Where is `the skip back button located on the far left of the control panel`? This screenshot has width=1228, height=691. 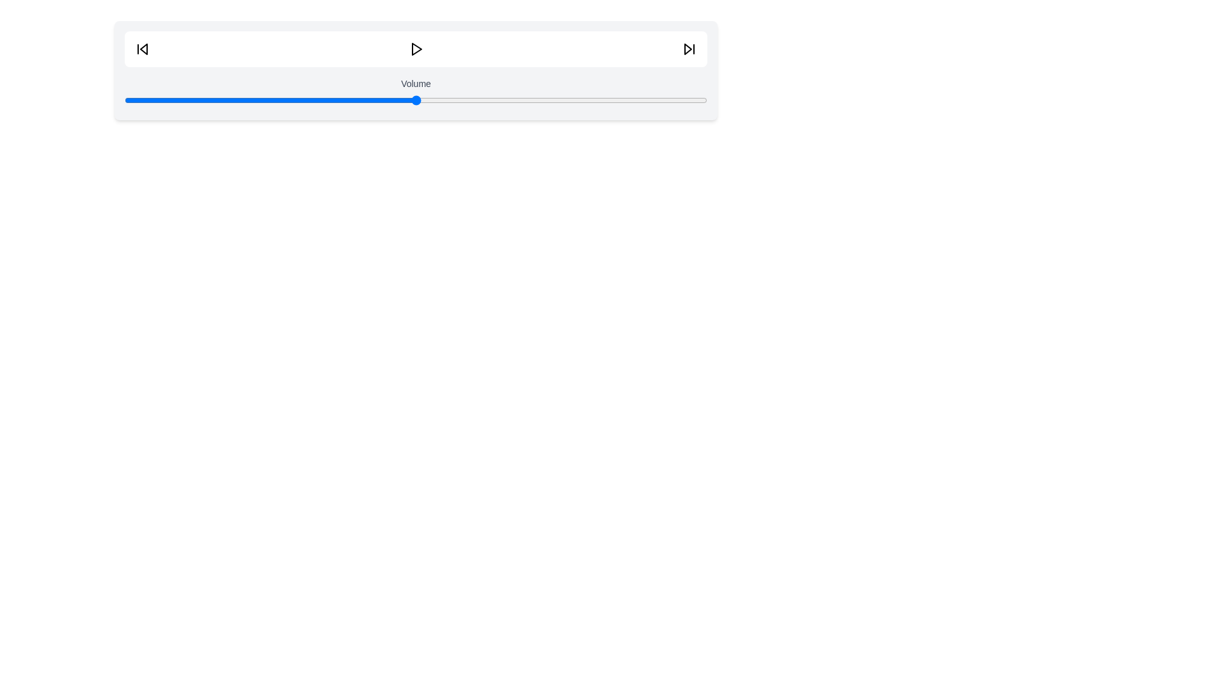 the skip back button located on the far left of the control panel is located at coordinates (142, 49).